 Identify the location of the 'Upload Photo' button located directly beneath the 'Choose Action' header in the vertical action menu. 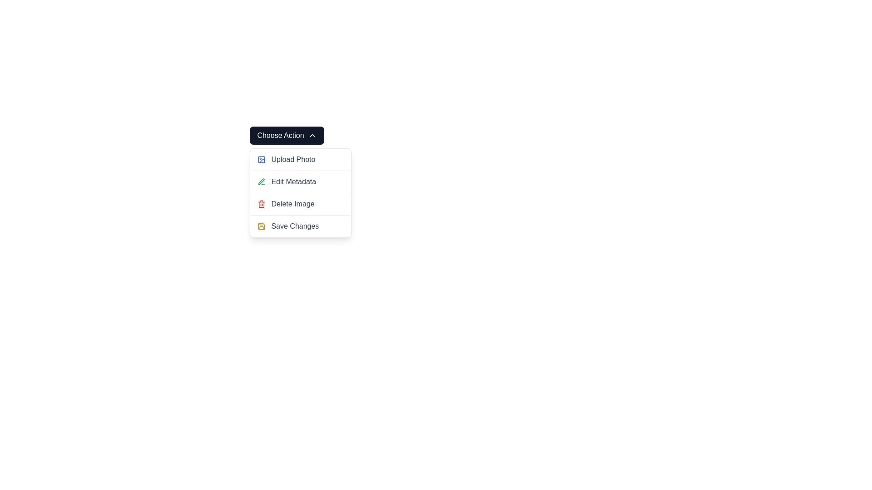
(301, 159).